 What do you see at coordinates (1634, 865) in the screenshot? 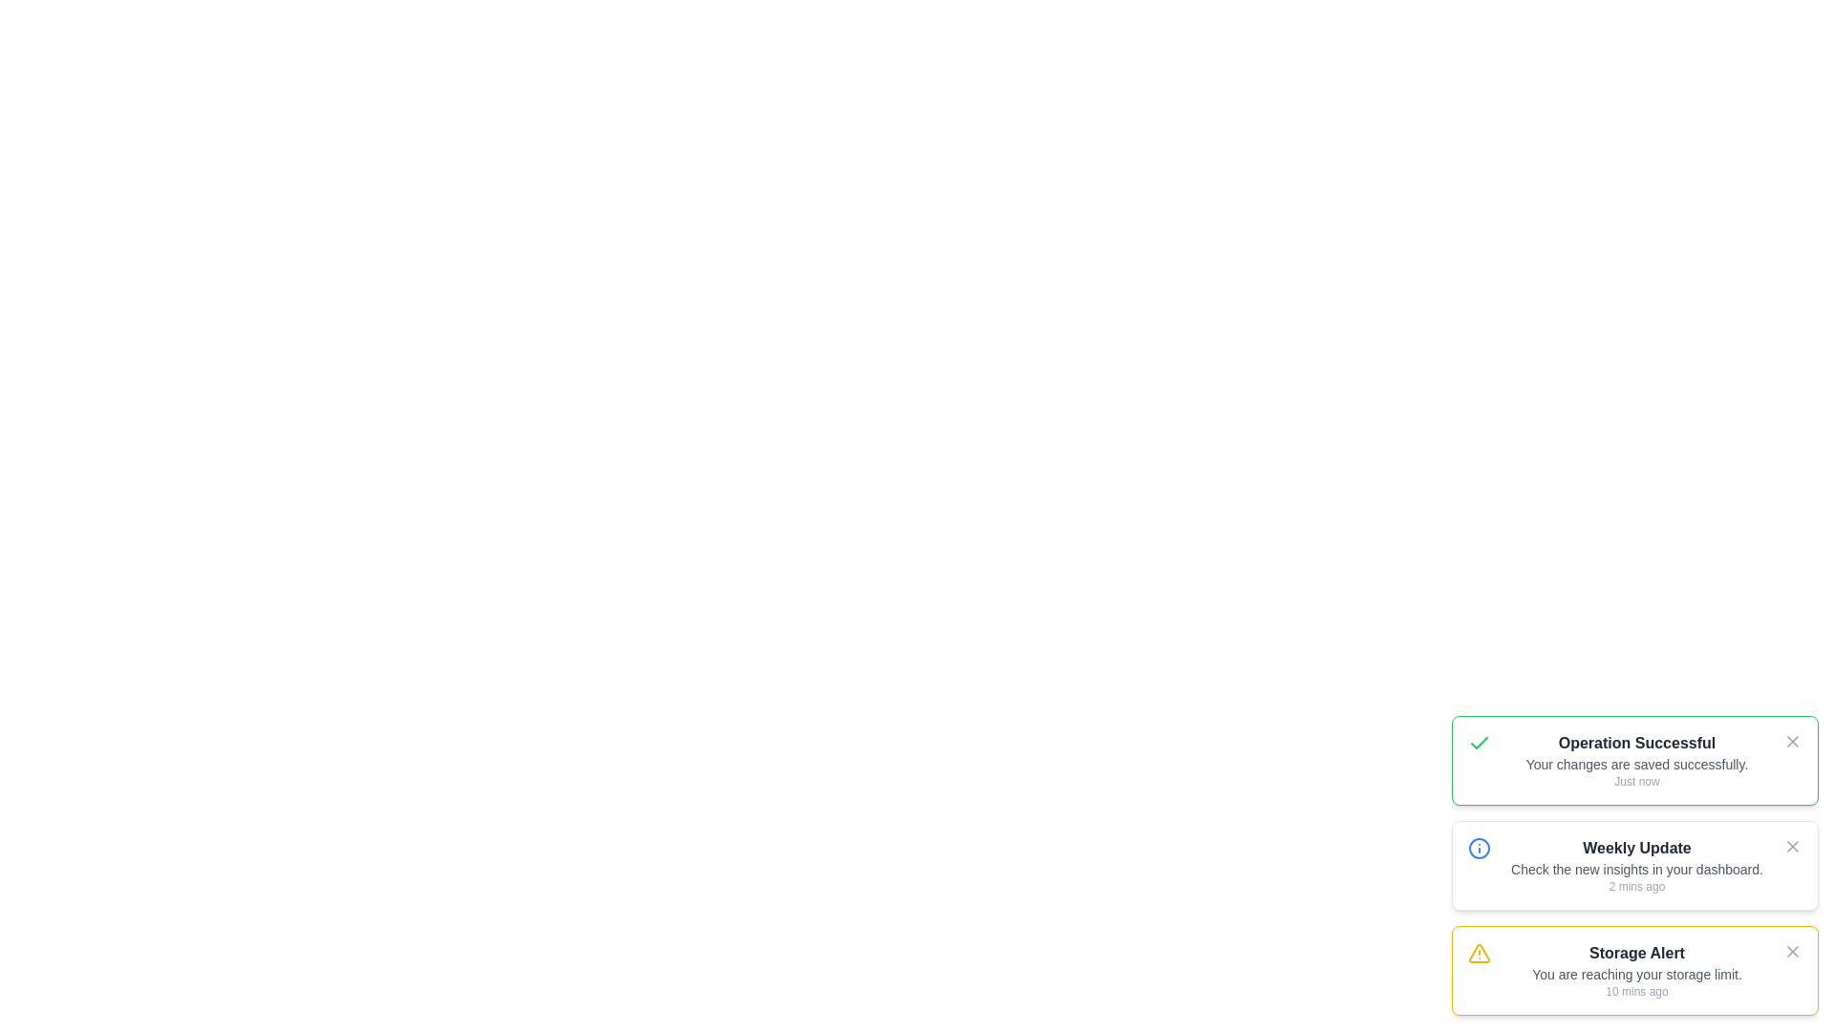
I see `the Informational Notification Box labeled 'Weekly Update'` at bounding box center [1634, 865].